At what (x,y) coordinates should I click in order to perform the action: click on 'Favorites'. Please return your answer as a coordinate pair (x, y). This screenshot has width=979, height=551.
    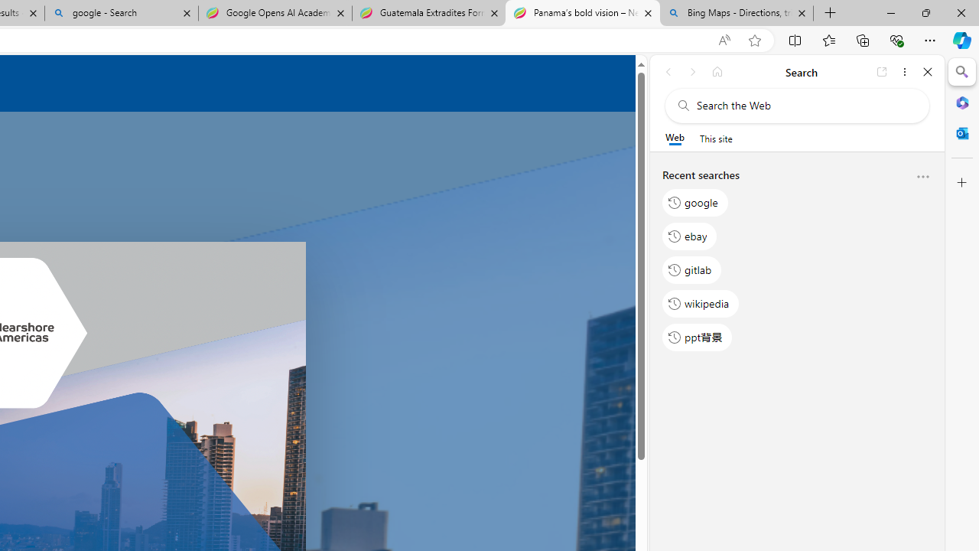
    Looking at the image, I should click on (828, 39).